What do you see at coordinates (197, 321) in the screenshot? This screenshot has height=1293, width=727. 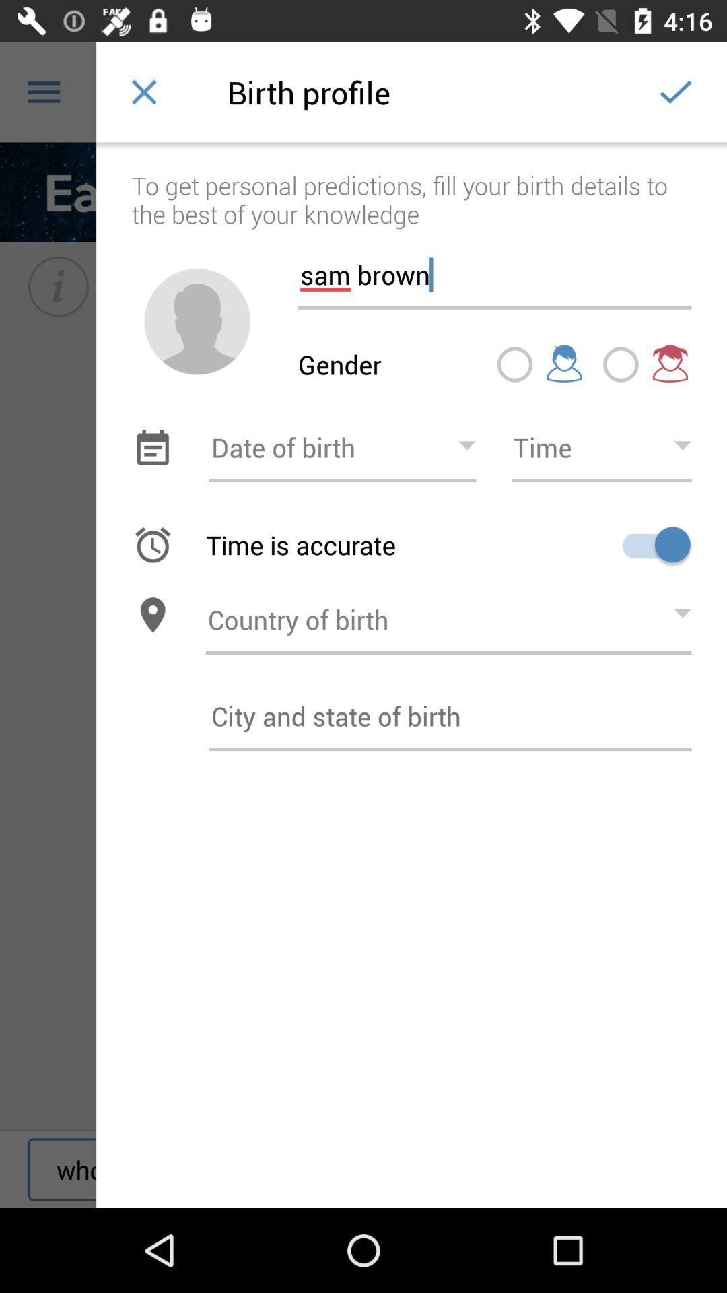 I see `icon next to the sam brown item` at bounding box center [197, 321].